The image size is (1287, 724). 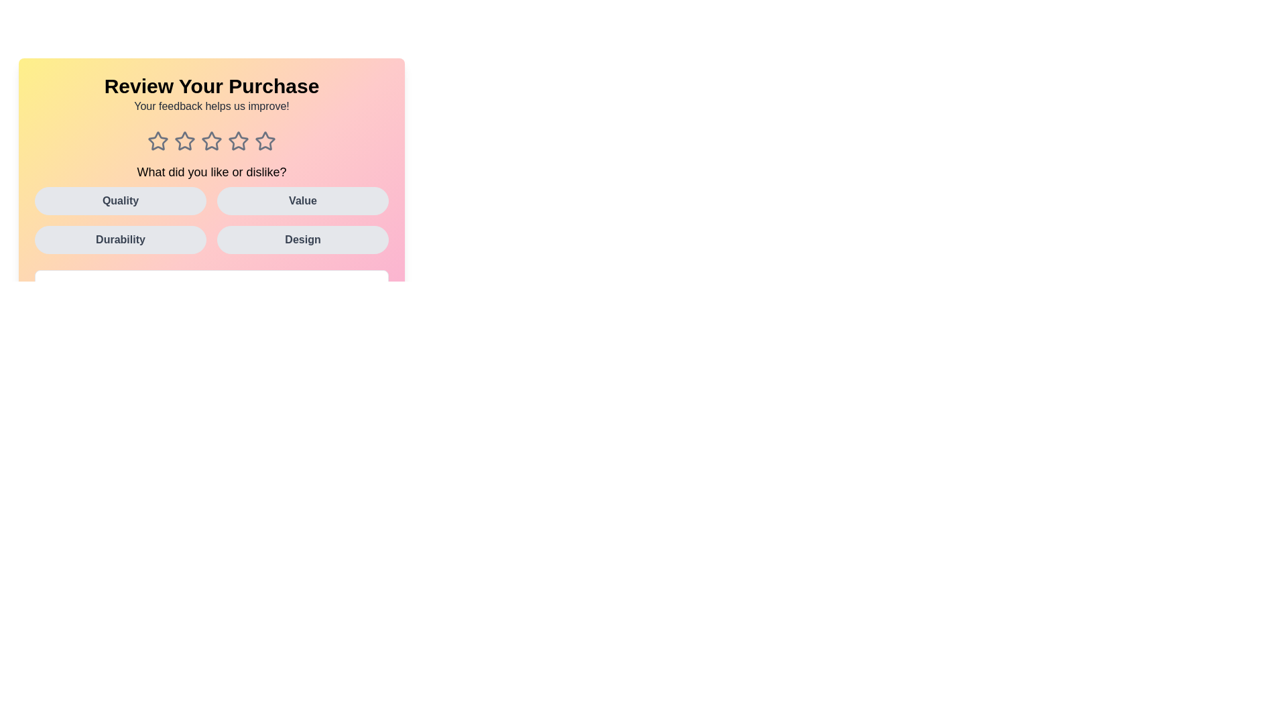 I want to click on text from the introduction Text Block at the top of the feedback form, which informs the user about the purpose of the displayed section, so click(x=211, y=94).